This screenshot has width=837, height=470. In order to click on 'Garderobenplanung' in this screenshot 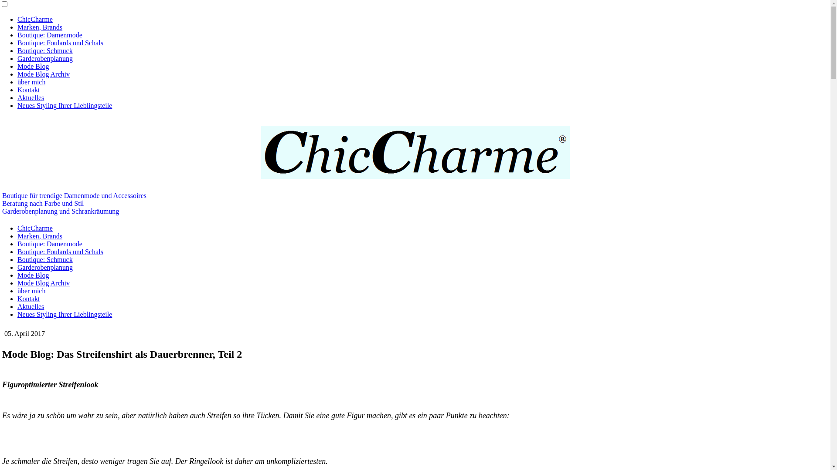, I will do `click(44, 267)`.